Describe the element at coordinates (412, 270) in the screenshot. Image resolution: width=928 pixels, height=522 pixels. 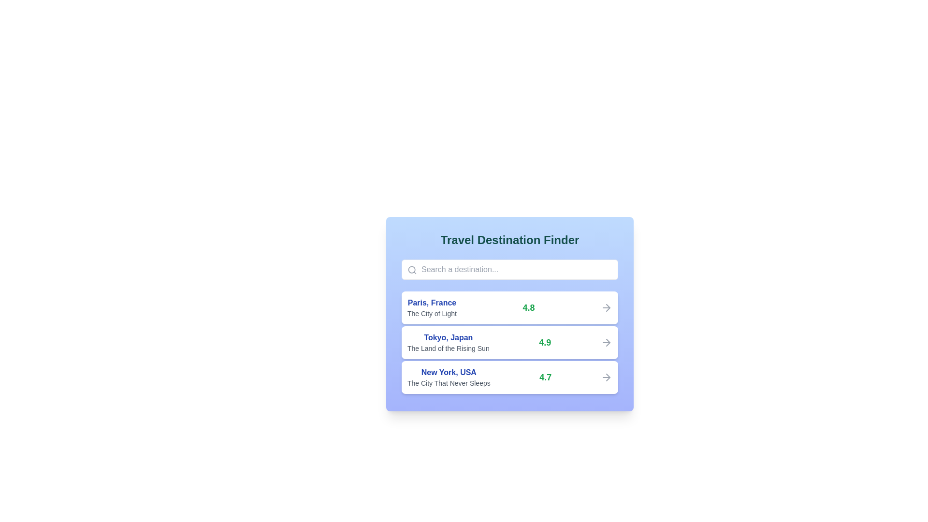
I see `the circular magnifying glass icon` at that location.